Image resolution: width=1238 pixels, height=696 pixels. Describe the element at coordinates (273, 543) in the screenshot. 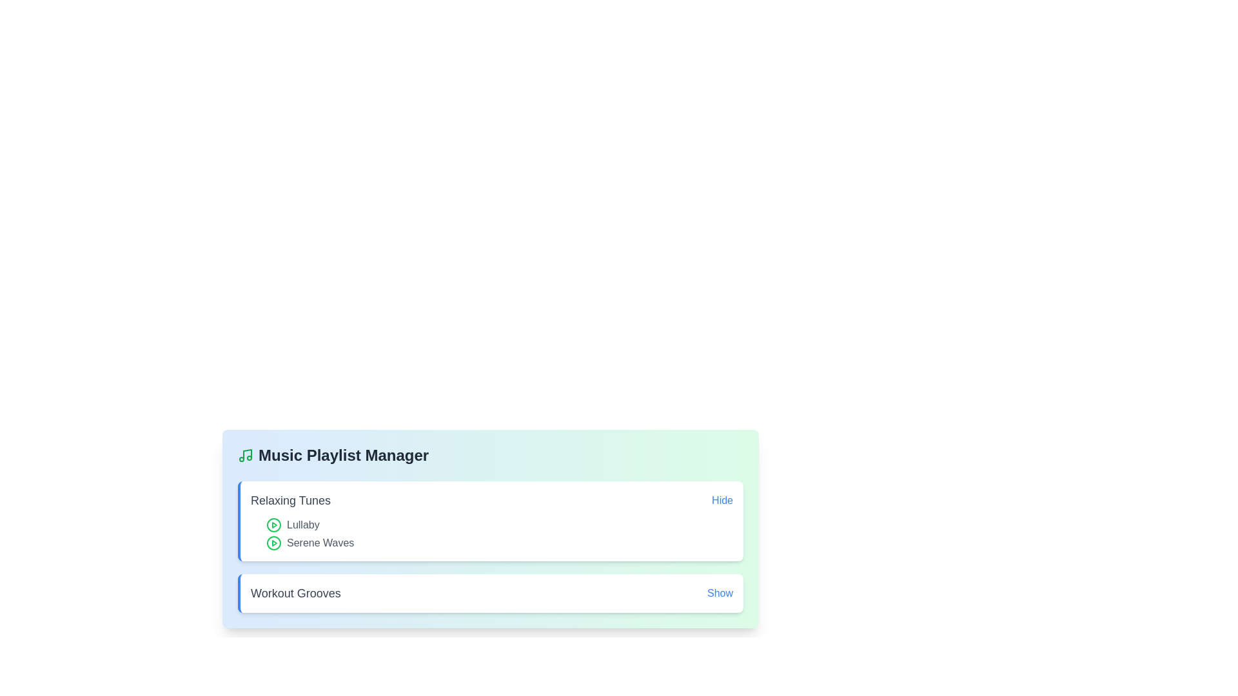

I see `the song title Serene Waves to focus or select it` at that location.